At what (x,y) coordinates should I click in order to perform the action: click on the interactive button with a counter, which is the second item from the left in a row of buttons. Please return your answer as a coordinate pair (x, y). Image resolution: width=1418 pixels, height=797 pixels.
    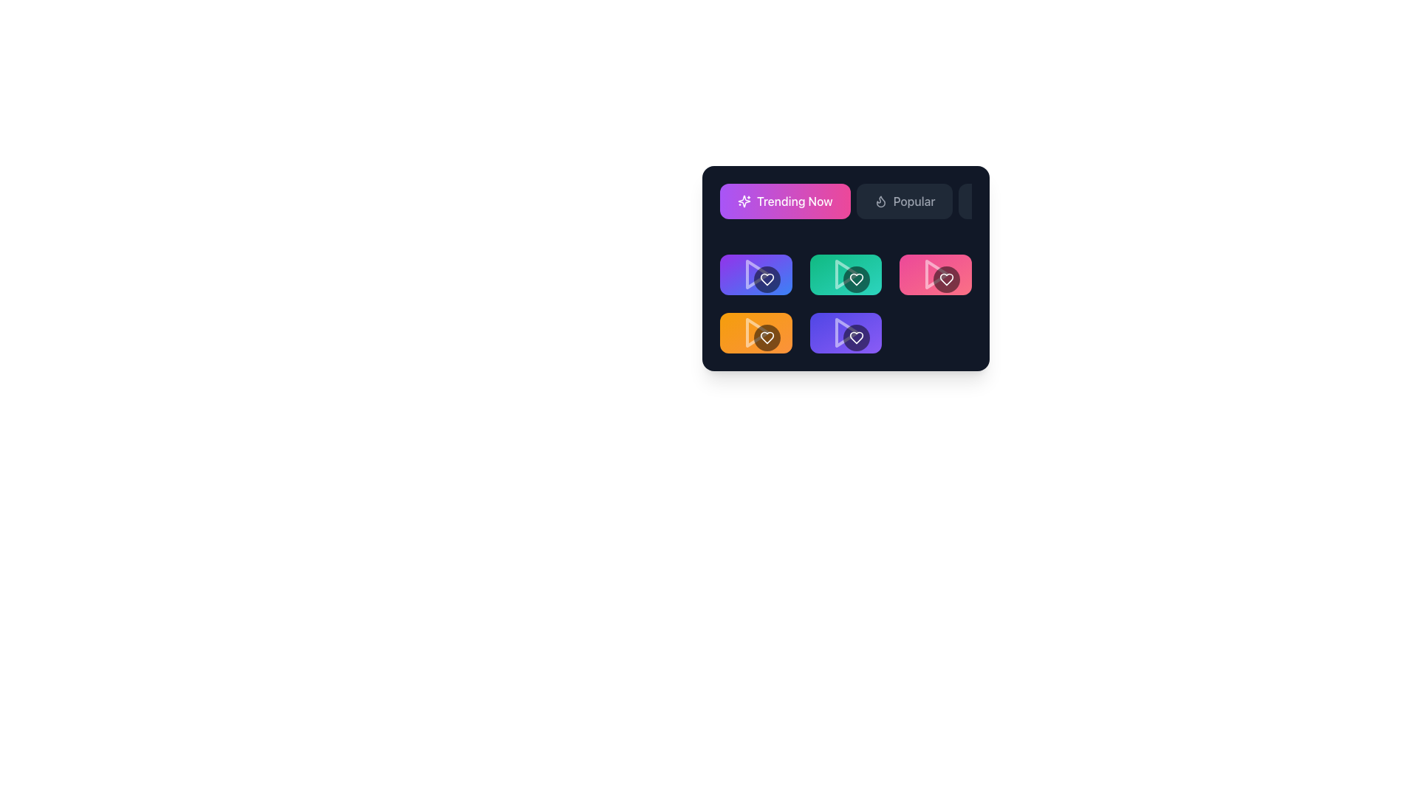
    Looking at the image, I should click on (947, 268).